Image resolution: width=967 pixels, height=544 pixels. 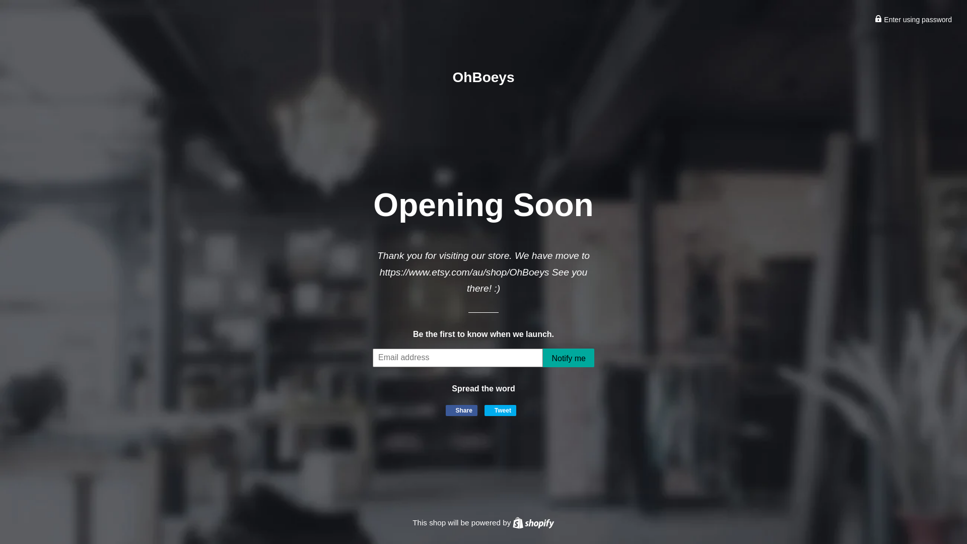 I want to click on 'Lock icon Enter using password', so click(x=913, y=19).